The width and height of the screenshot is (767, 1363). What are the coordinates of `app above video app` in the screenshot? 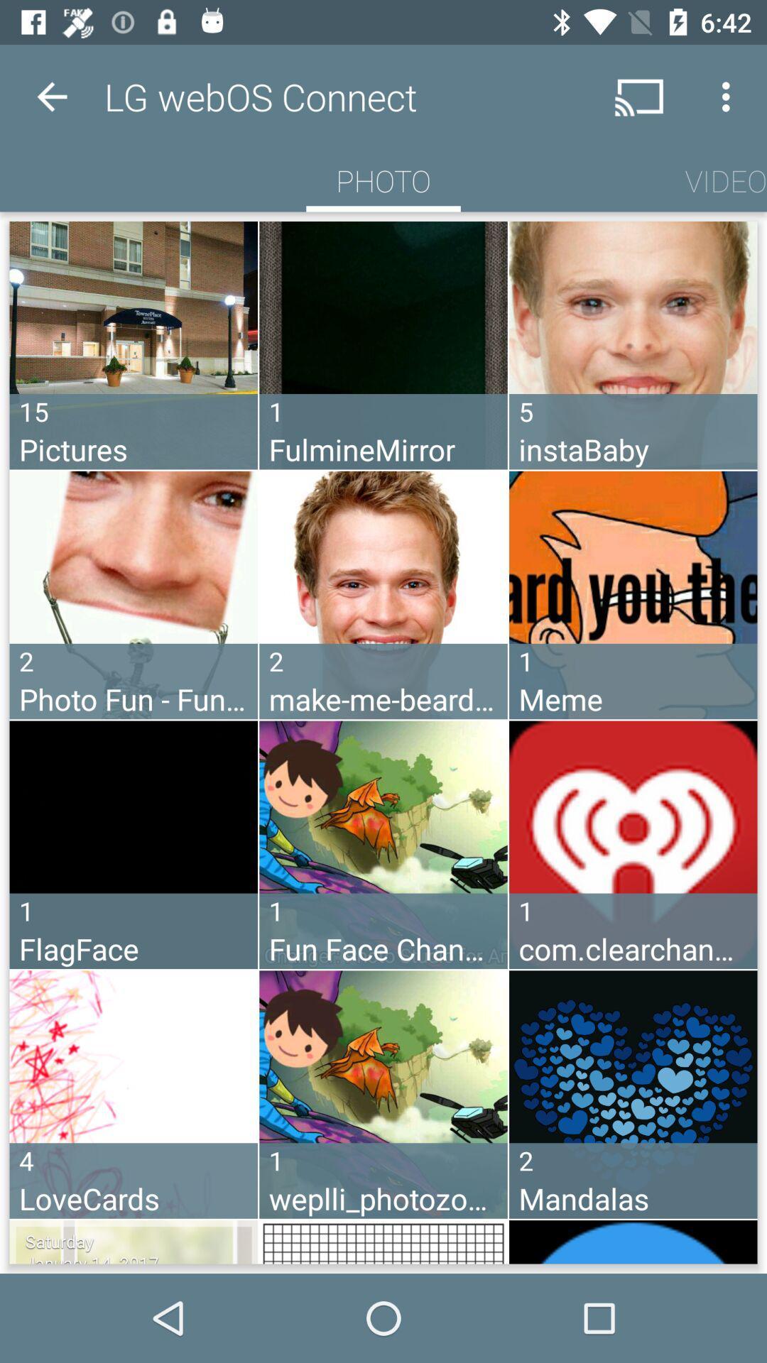 It's located at (729, 96).